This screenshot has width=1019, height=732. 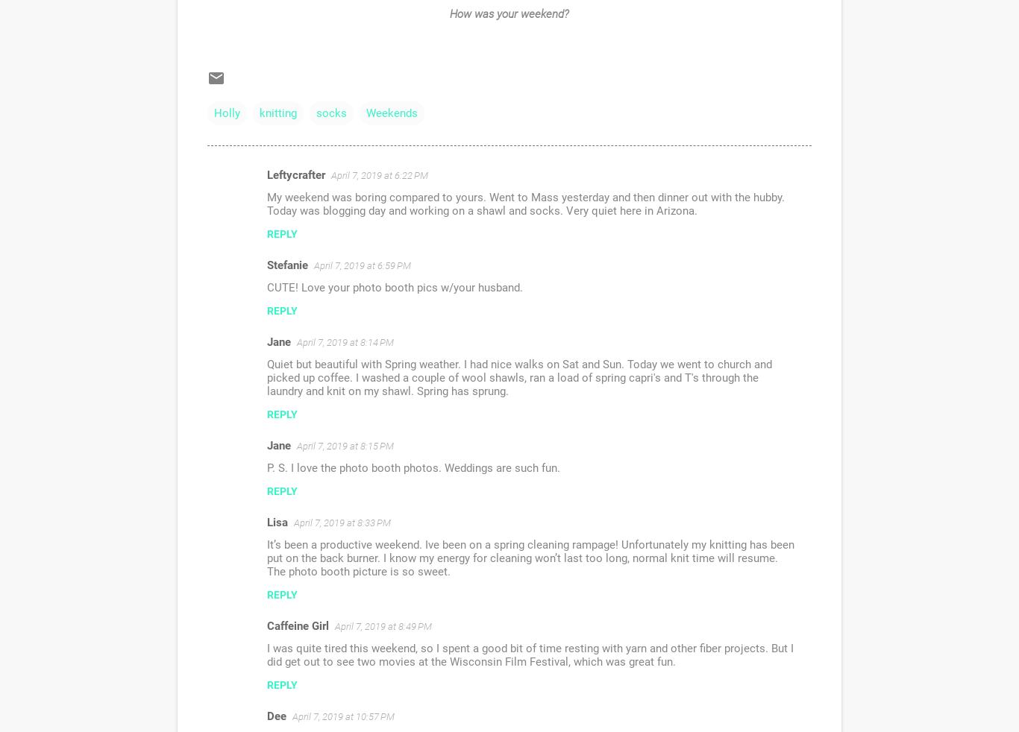 I want to click on 'Quiet but beautiful with Spring weather. I had nice walks on Sat and Sun. Today we went to church and picked up coffee. I washed a couple of wool shawls,  ran a load of spring capri's and T's through the laundry and knit on my shawl. Spring has sprung.', so click(x=519, y=377).